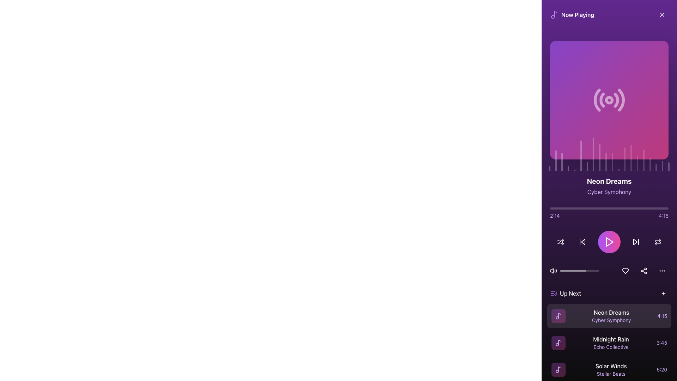 This screenshot has width=677, height=381. What do you see at coordinates (611, 369) in the screenshot?
I see `the 'Solar Winds' text label` at bounding box center [611, 369].